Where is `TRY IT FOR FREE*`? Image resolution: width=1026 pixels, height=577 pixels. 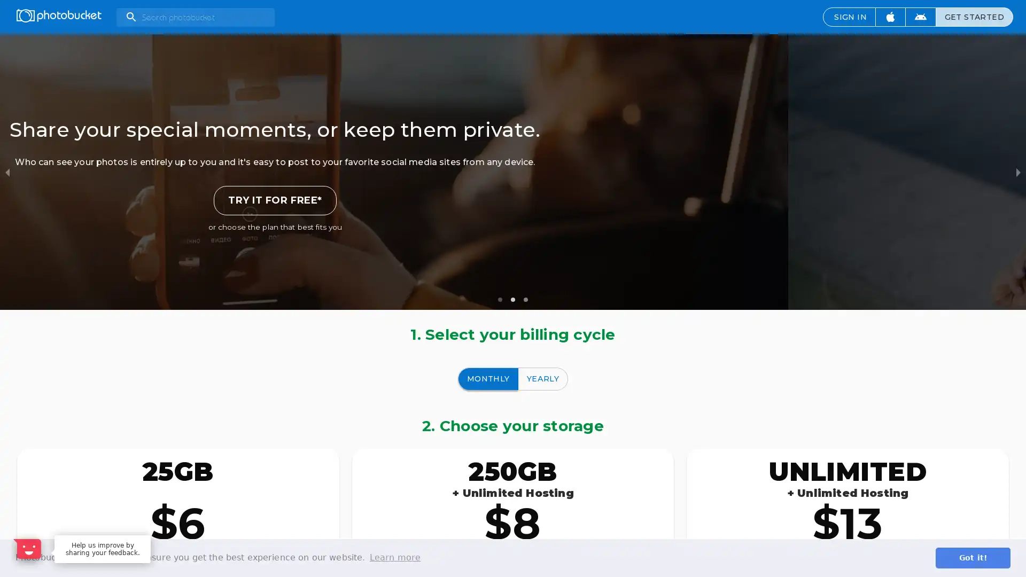
TRY IT FOR FREE* is located at coordinates (512, 200).